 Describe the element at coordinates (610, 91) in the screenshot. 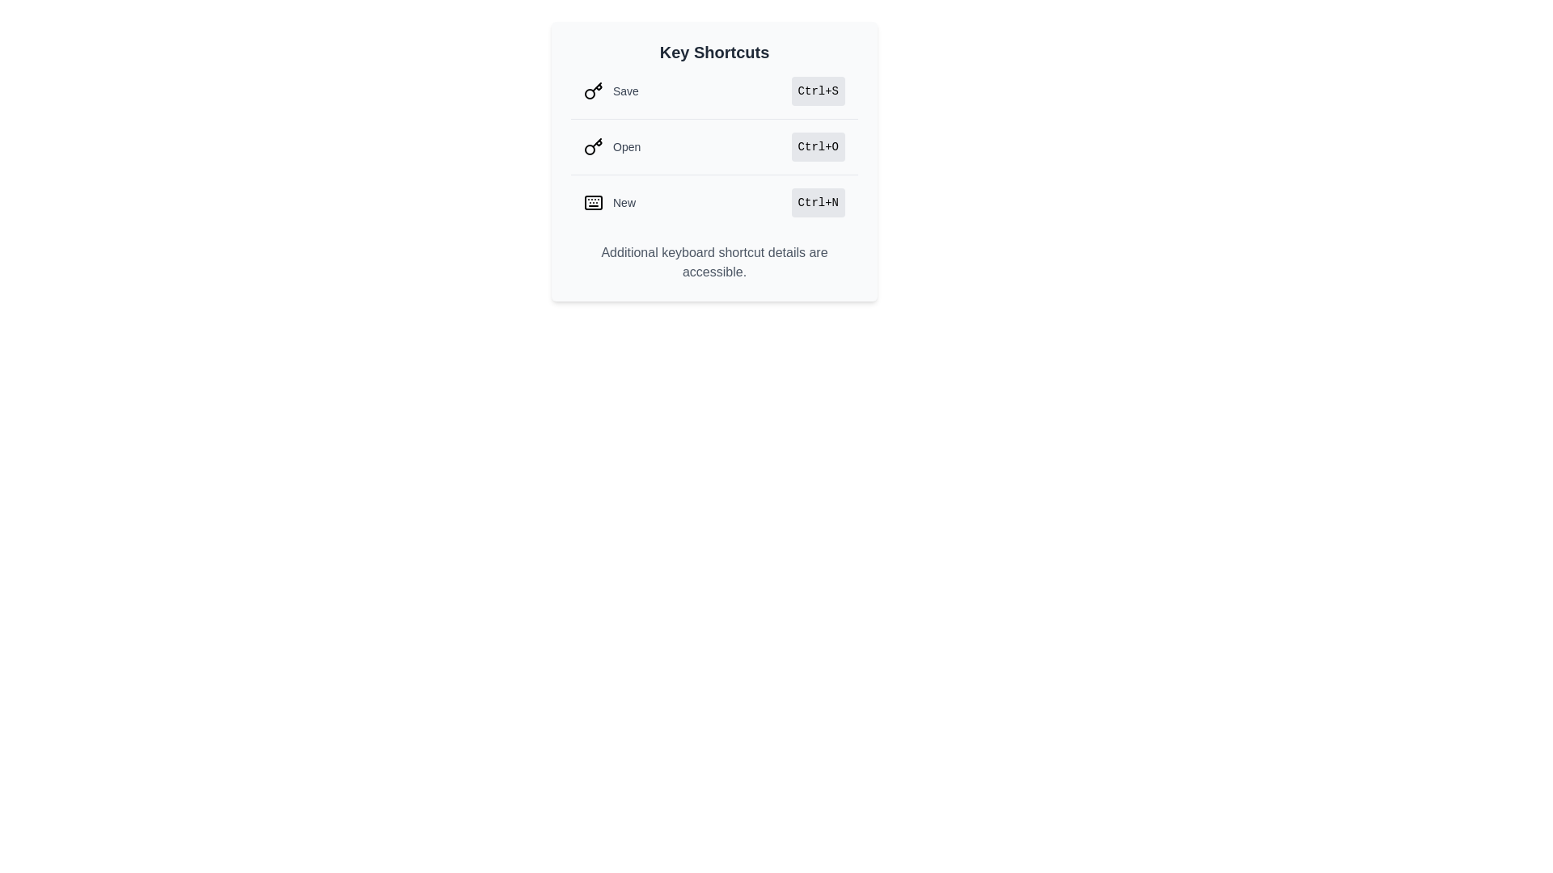

I see `the 'Save' text with icon label, which is the first item in the top row of the vertically-aligned list of shortcut options within the panel` at that location.